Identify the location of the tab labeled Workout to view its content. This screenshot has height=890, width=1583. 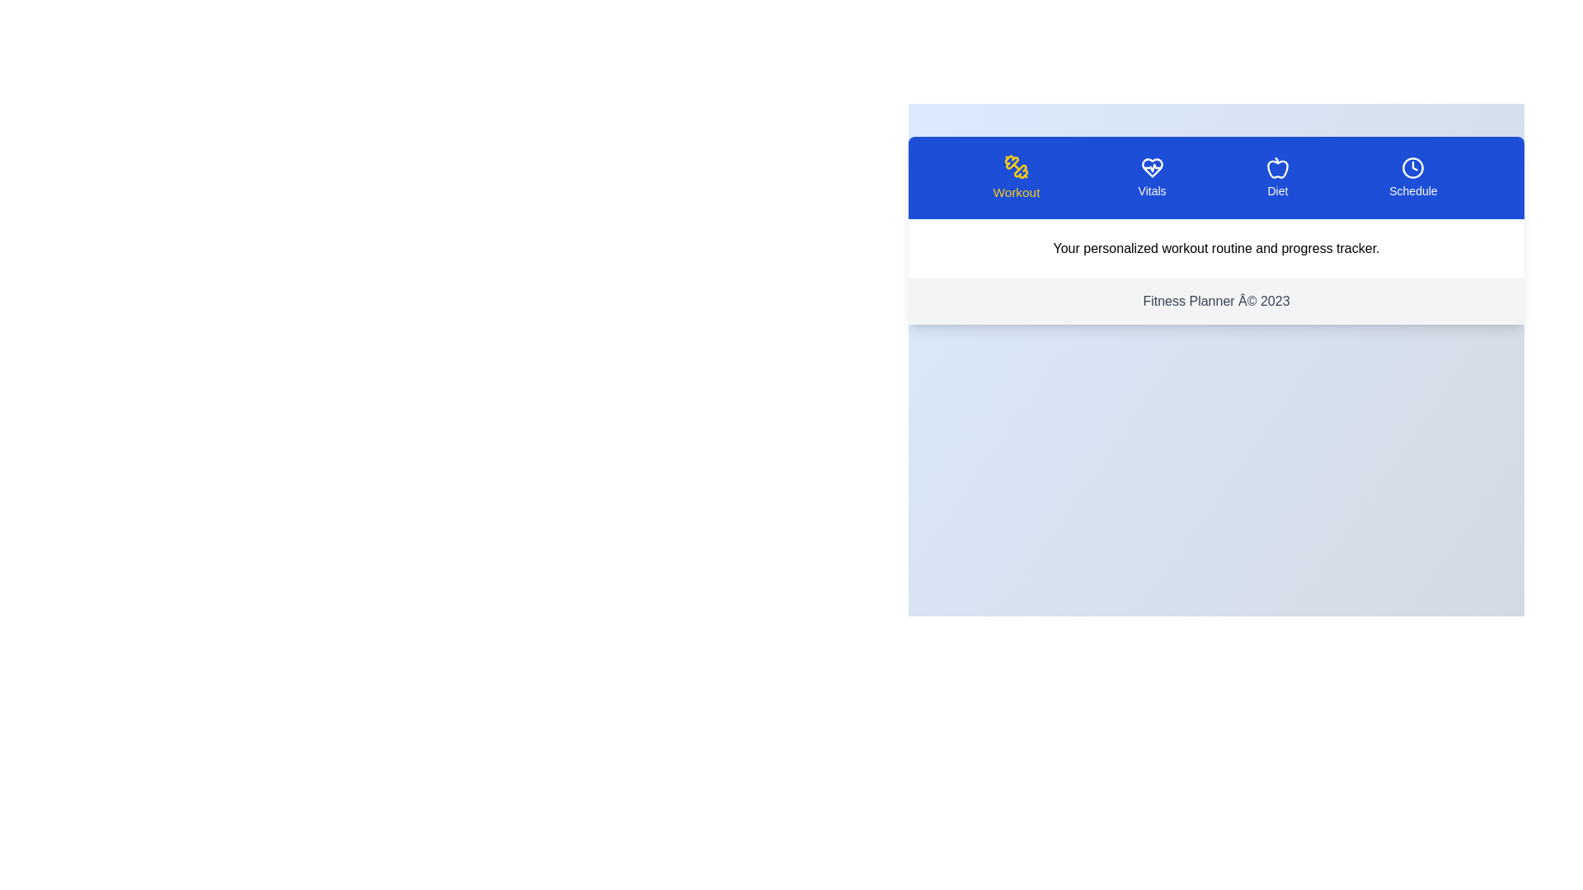
(1016, 178).